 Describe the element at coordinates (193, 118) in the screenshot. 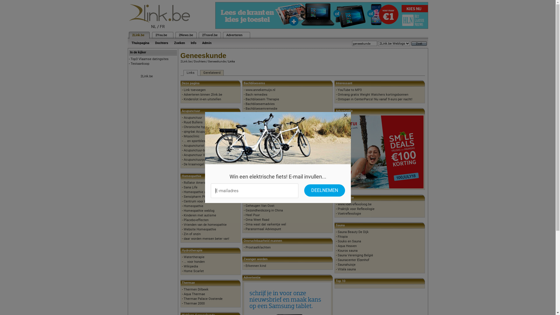

I see `'Acupunctuur'` at that location.